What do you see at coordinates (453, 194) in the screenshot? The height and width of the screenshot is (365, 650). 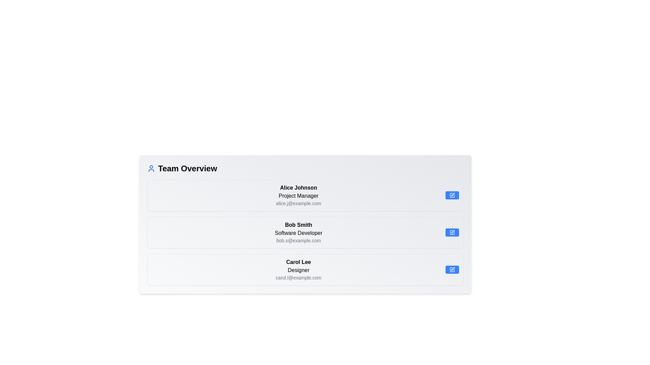 I see `the pen-shaped icon button located to the far right of 'Alice Johnson's' profile line` at bounding box center [453, 194].